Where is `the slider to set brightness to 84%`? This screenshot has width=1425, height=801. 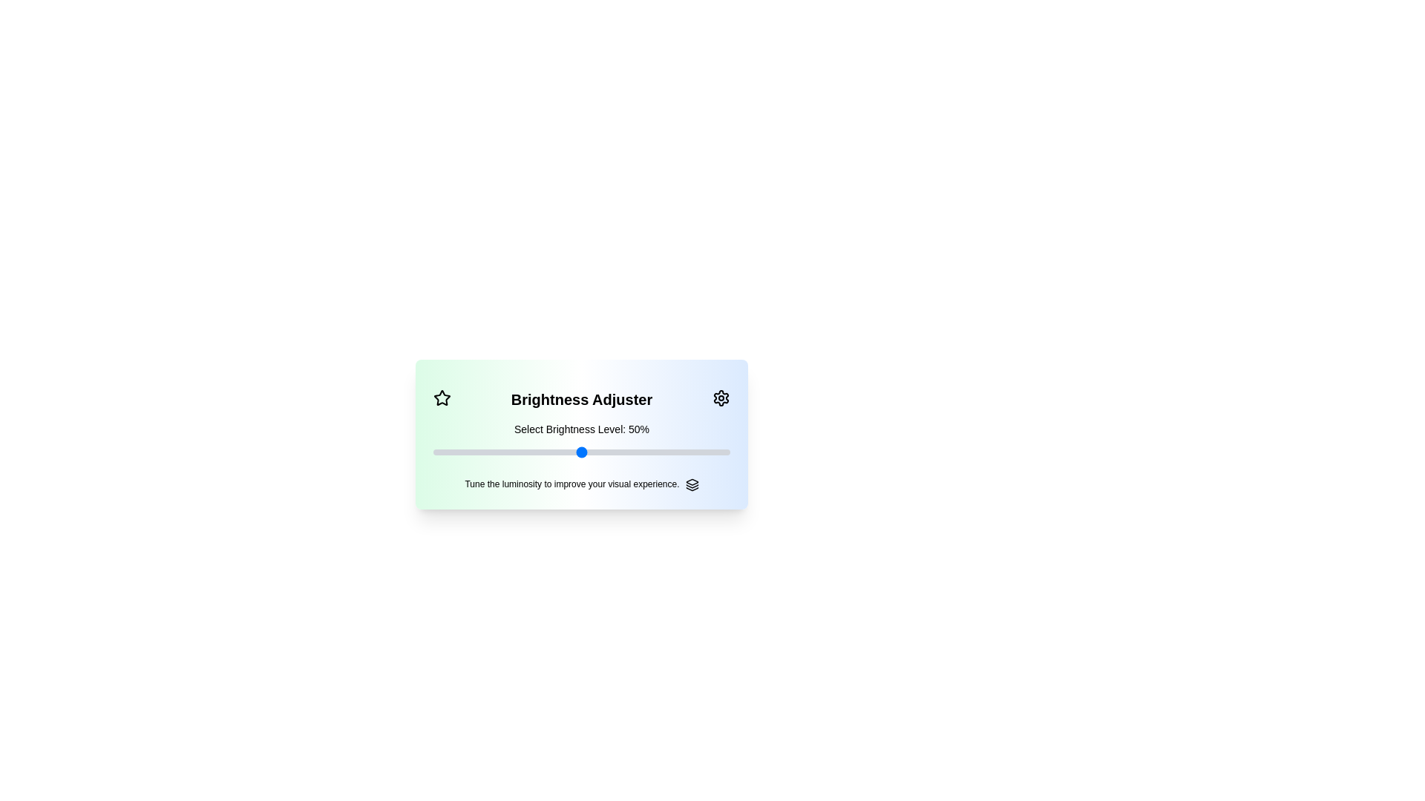
the slider to set brightness to 84% is located at coordinates (433, 451).